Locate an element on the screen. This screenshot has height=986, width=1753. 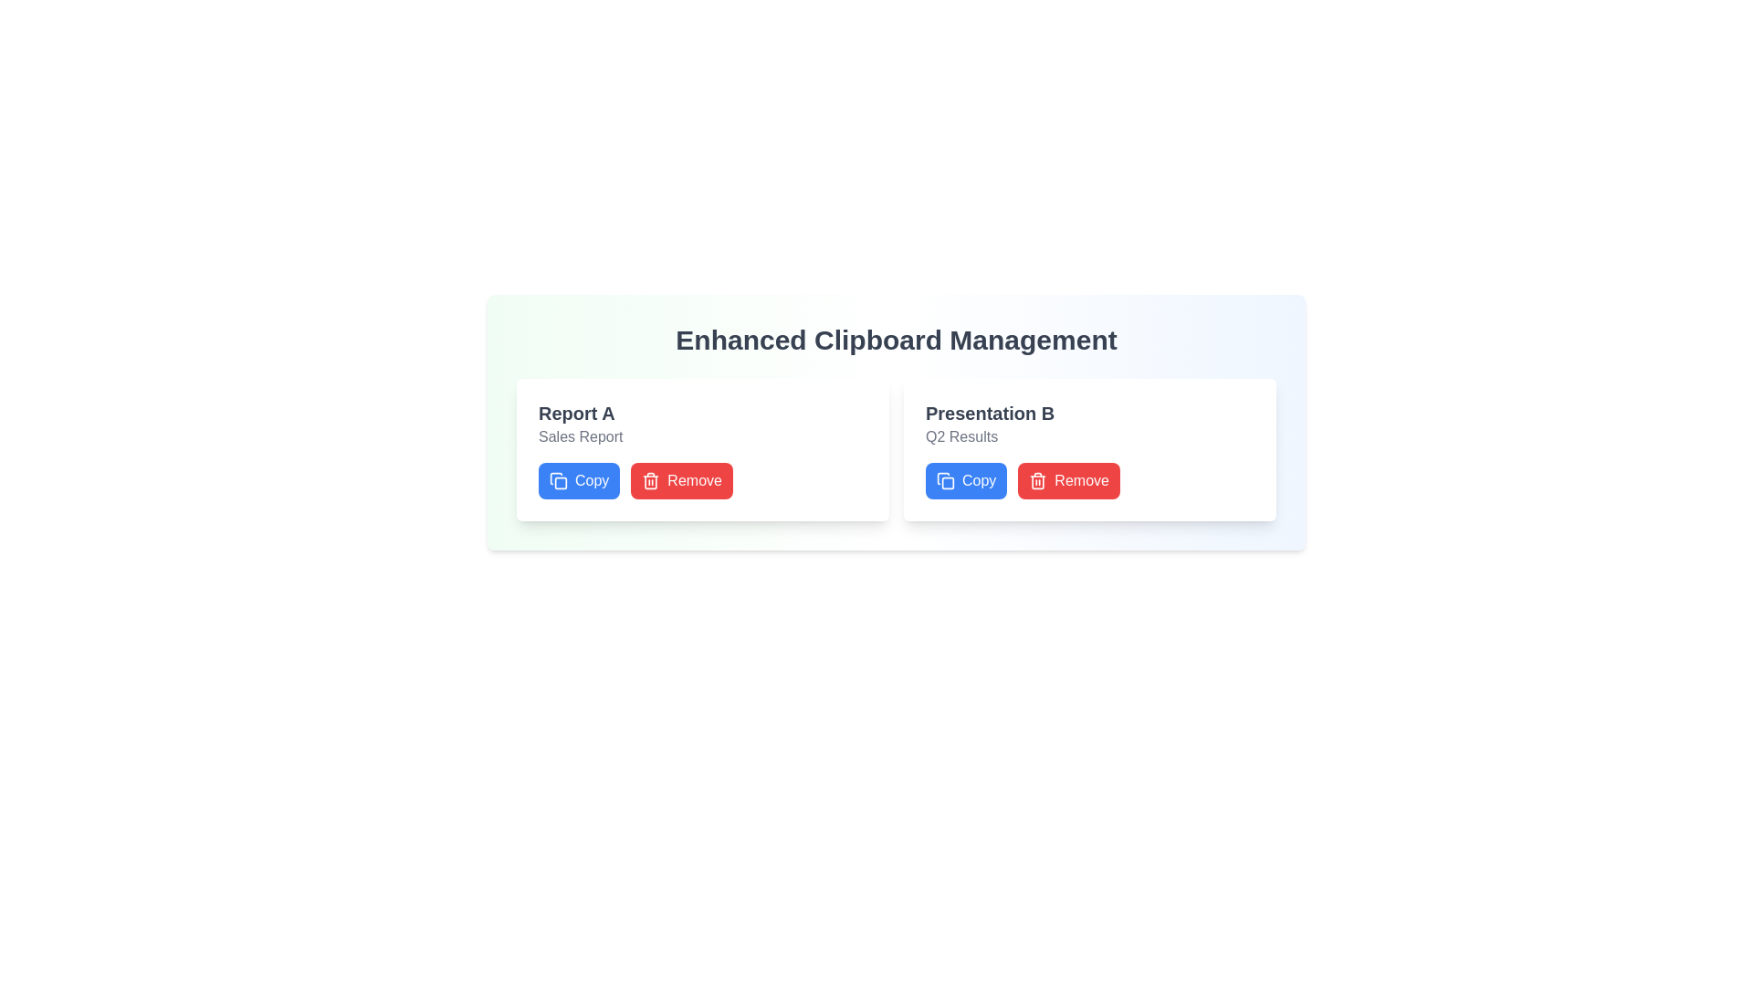
the static text label located in the second card from the left, positioned below the title 'Presentation B' and above the buttons 'Copy' and 'Remove' is located at coordinates (960, 436).